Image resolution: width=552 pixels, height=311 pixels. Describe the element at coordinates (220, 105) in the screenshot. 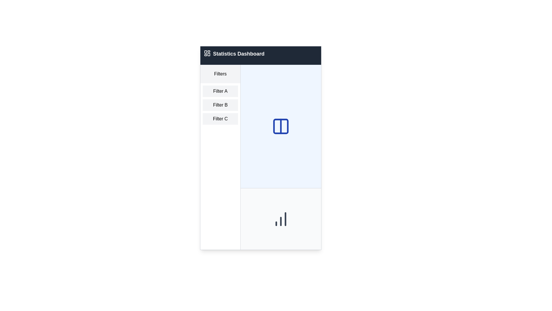

I see `the filter selection menu located in the left panel beneath the 'Filters' section` at that location.